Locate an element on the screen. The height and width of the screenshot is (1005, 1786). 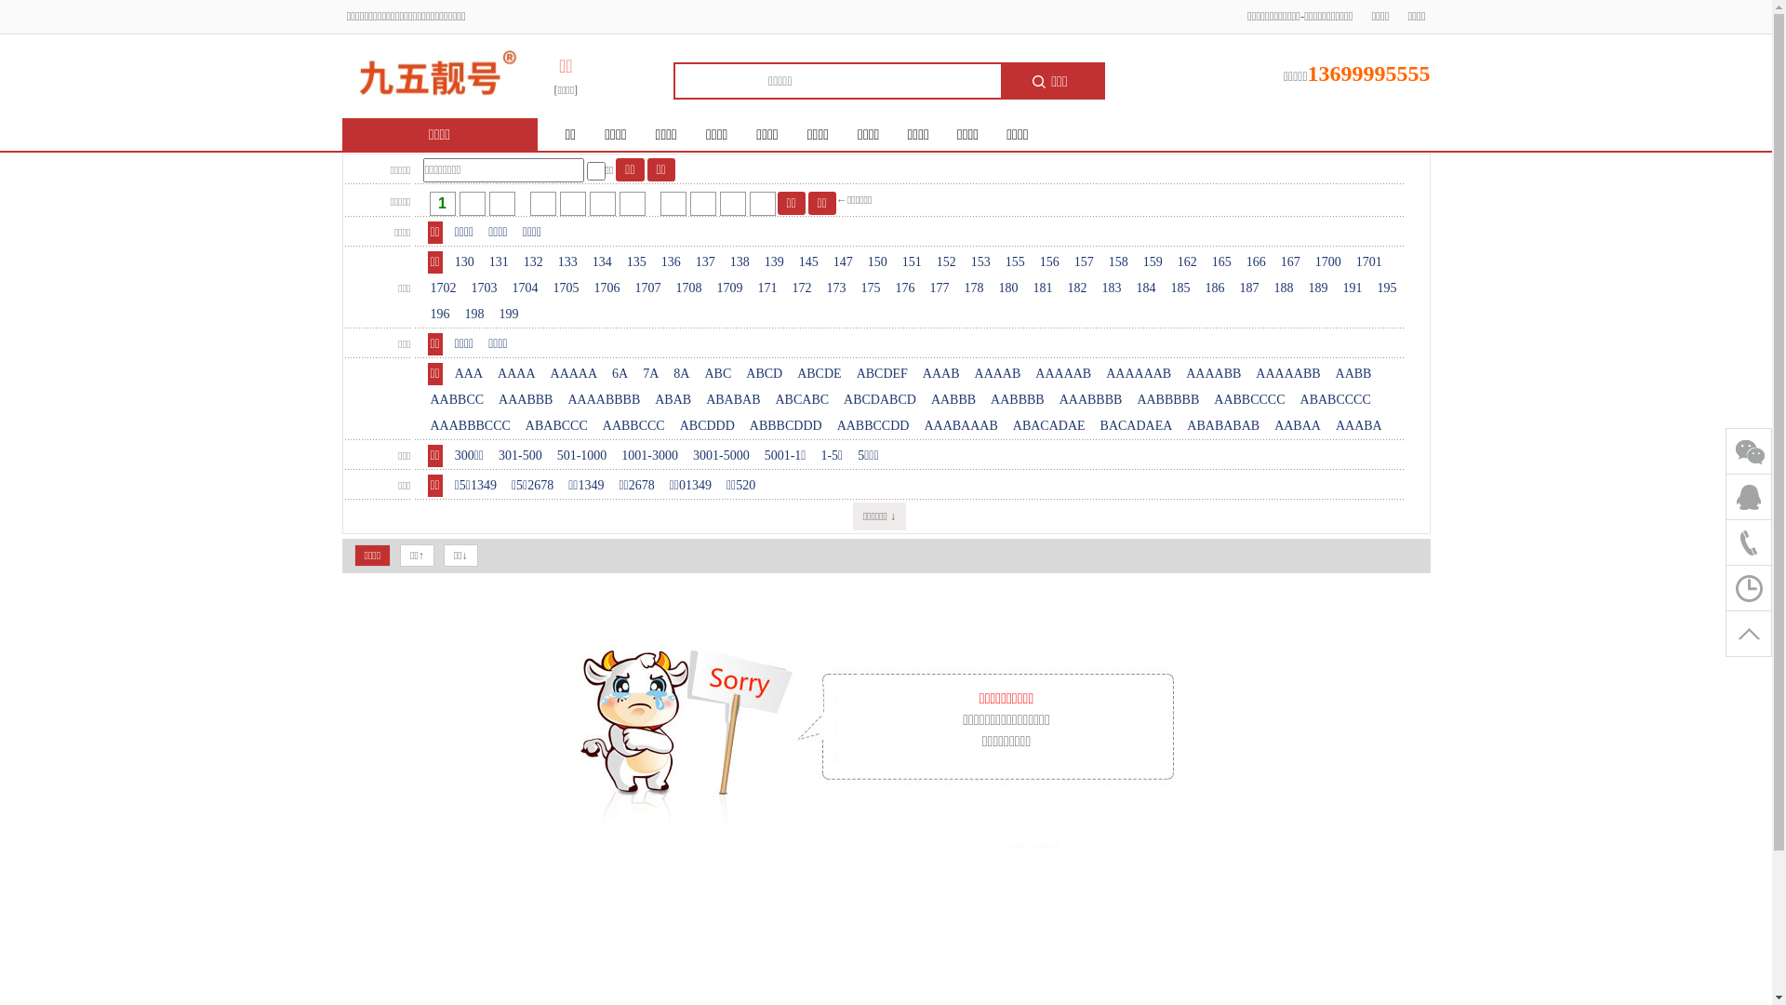
'8A' is located at coordinates (680, 373).